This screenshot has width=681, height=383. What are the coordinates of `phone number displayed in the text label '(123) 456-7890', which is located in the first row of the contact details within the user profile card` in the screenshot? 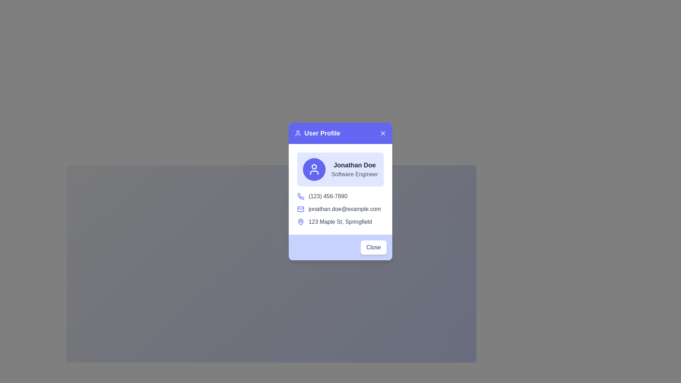 It's located at (340, 196).